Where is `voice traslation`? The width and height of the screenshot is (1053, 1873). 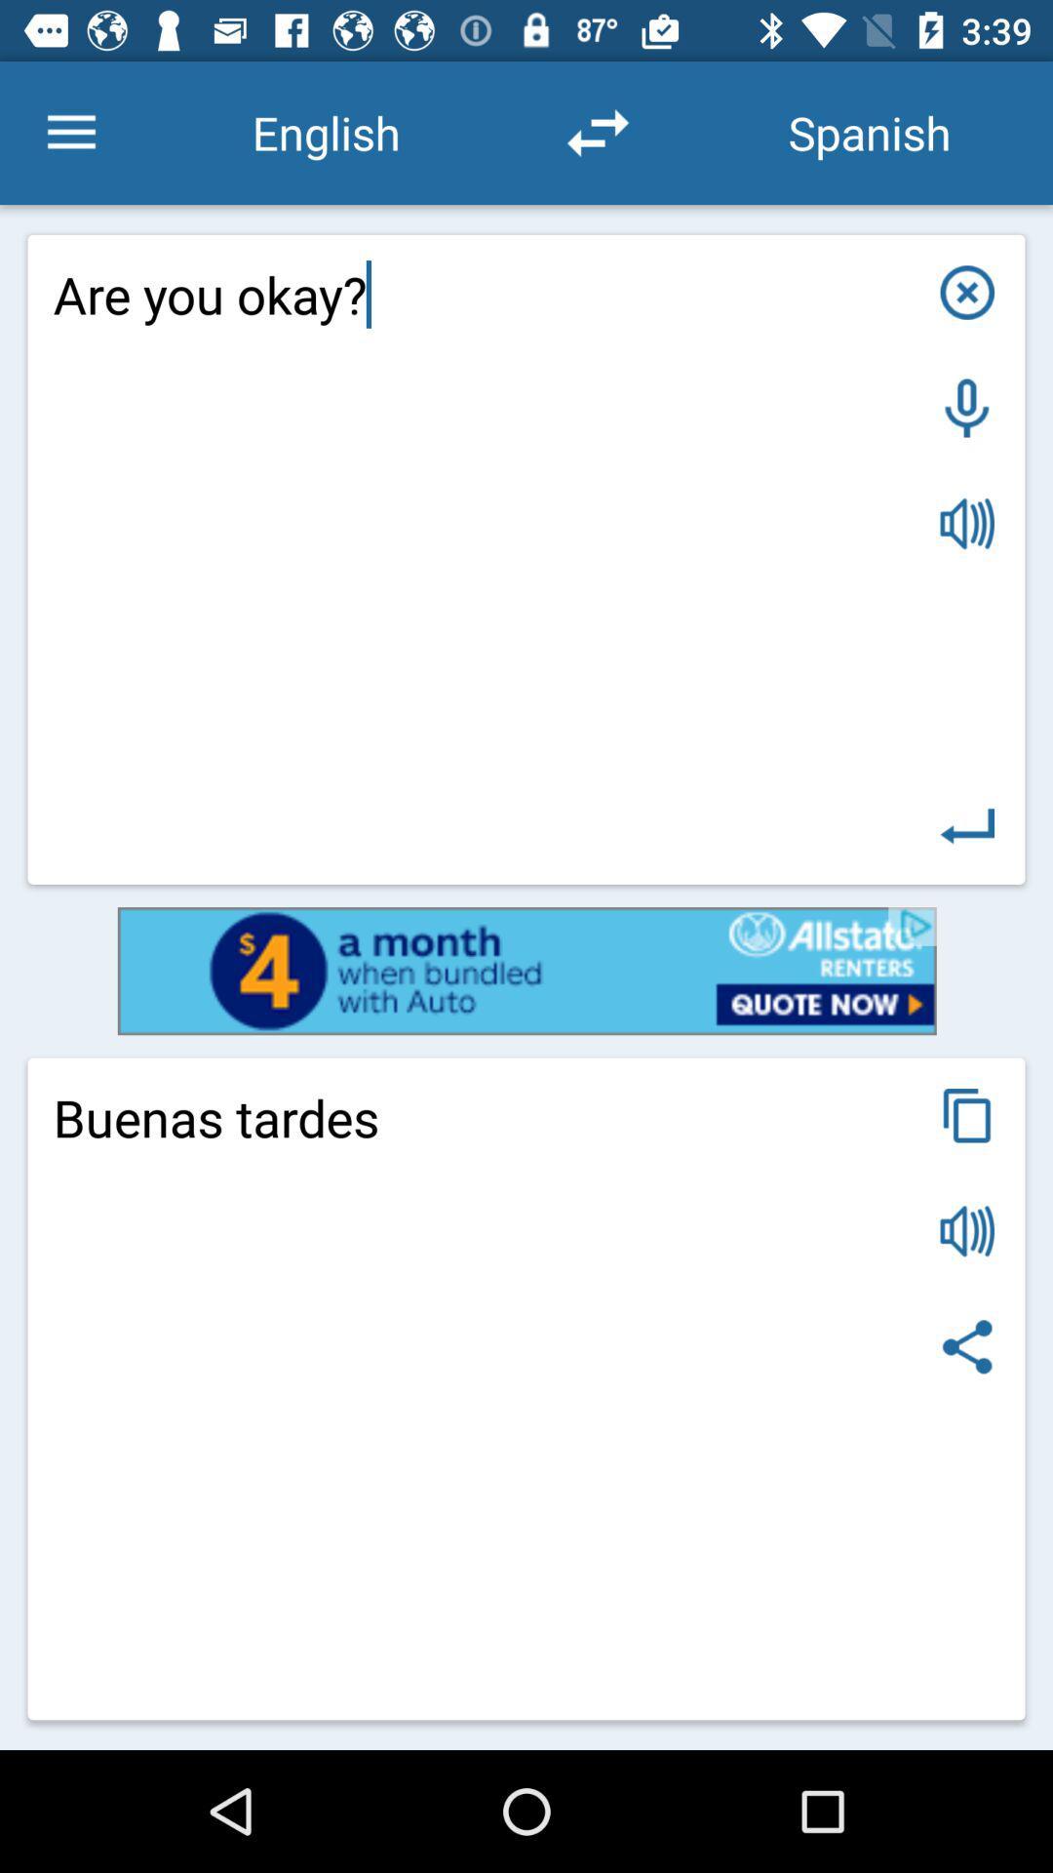
voice traslation is located at coordinates (967, 524).